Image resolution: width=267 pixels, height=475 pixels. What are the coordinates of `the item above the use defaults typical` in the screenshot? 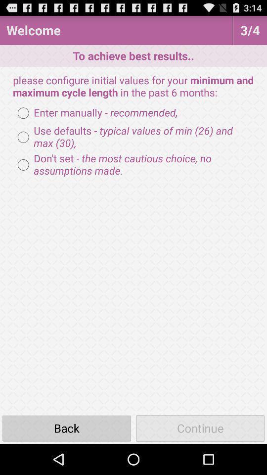 It's located at (95, 113).